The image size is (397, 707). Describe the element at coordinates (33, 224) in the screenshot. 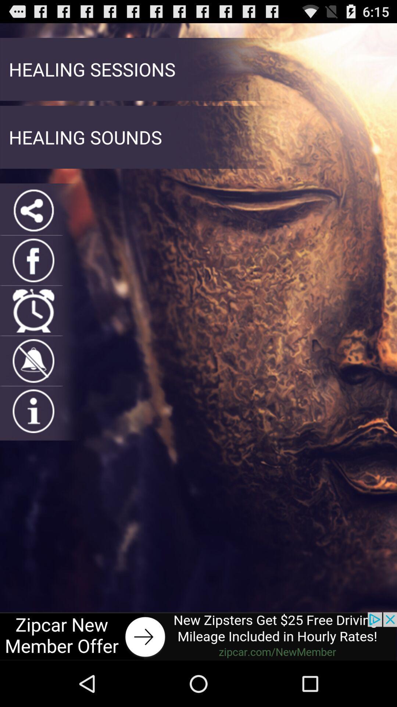

I see `the share icon` at that location.